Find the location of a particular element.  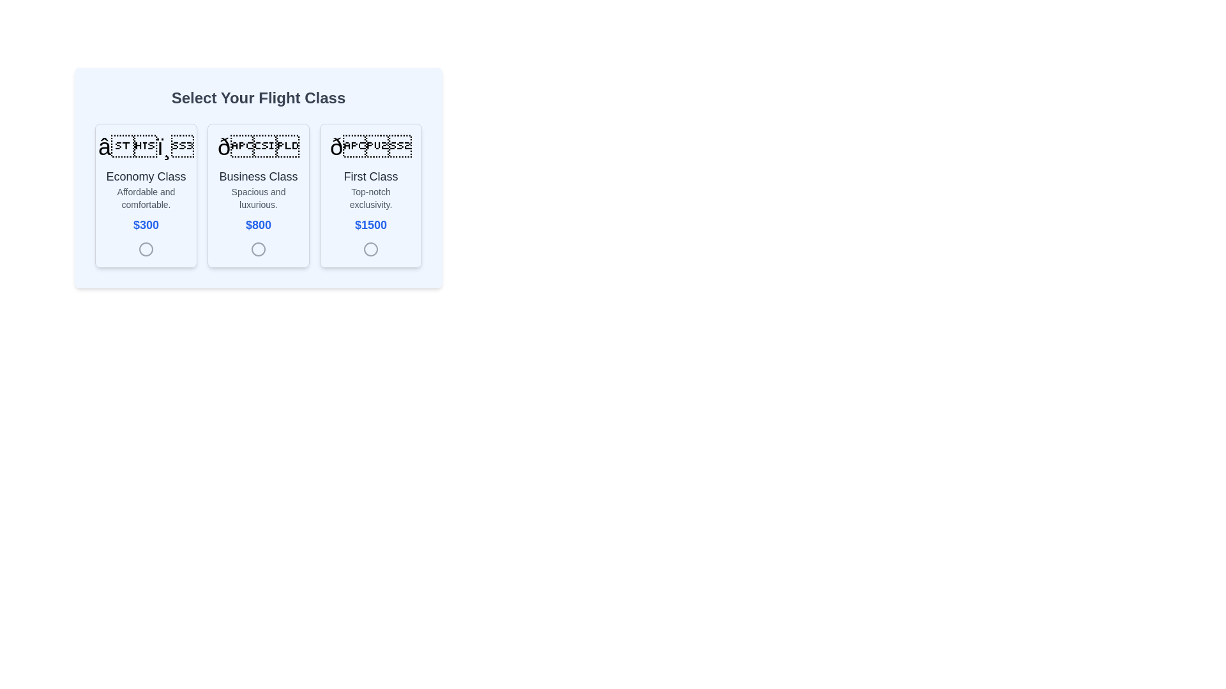

the textual label displaying 'Affordable and comfortable.' which is located below the 'Economy Class' text and above the price '$300' in the card for 'Economy Class' is located at coordinates (146, 198).